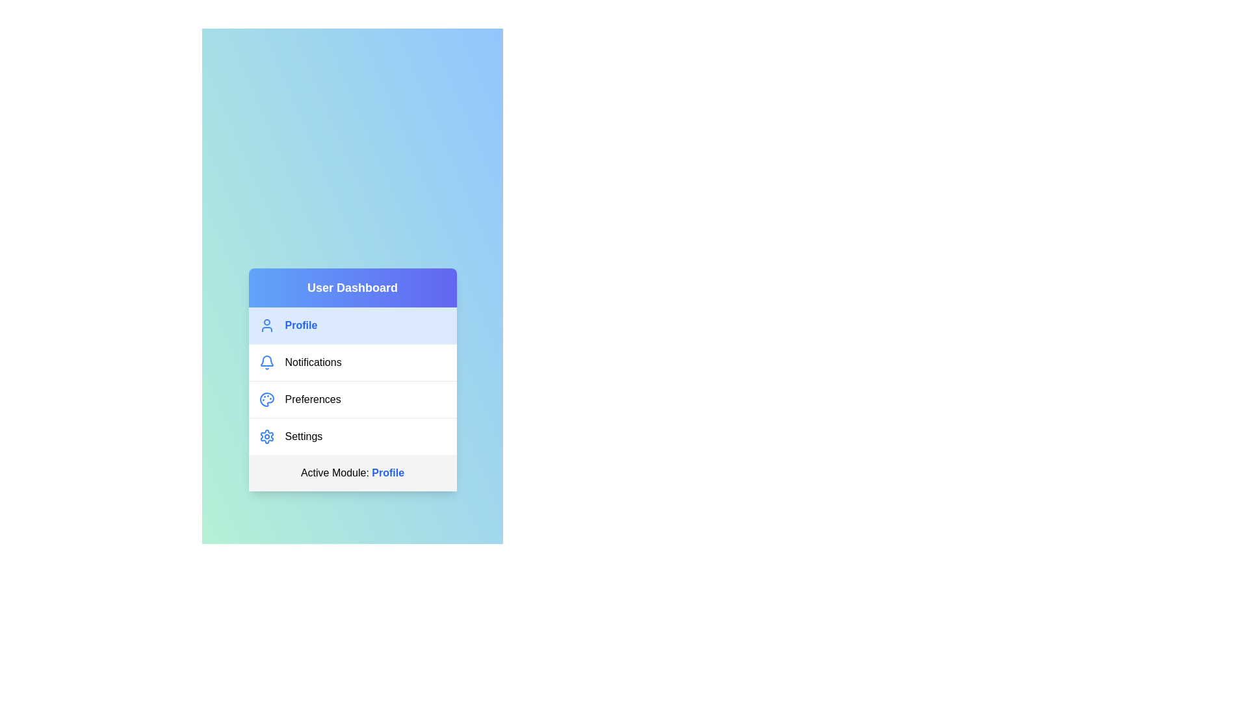  I want to click on the menu item corresponding to Profile, so click(352, 324).